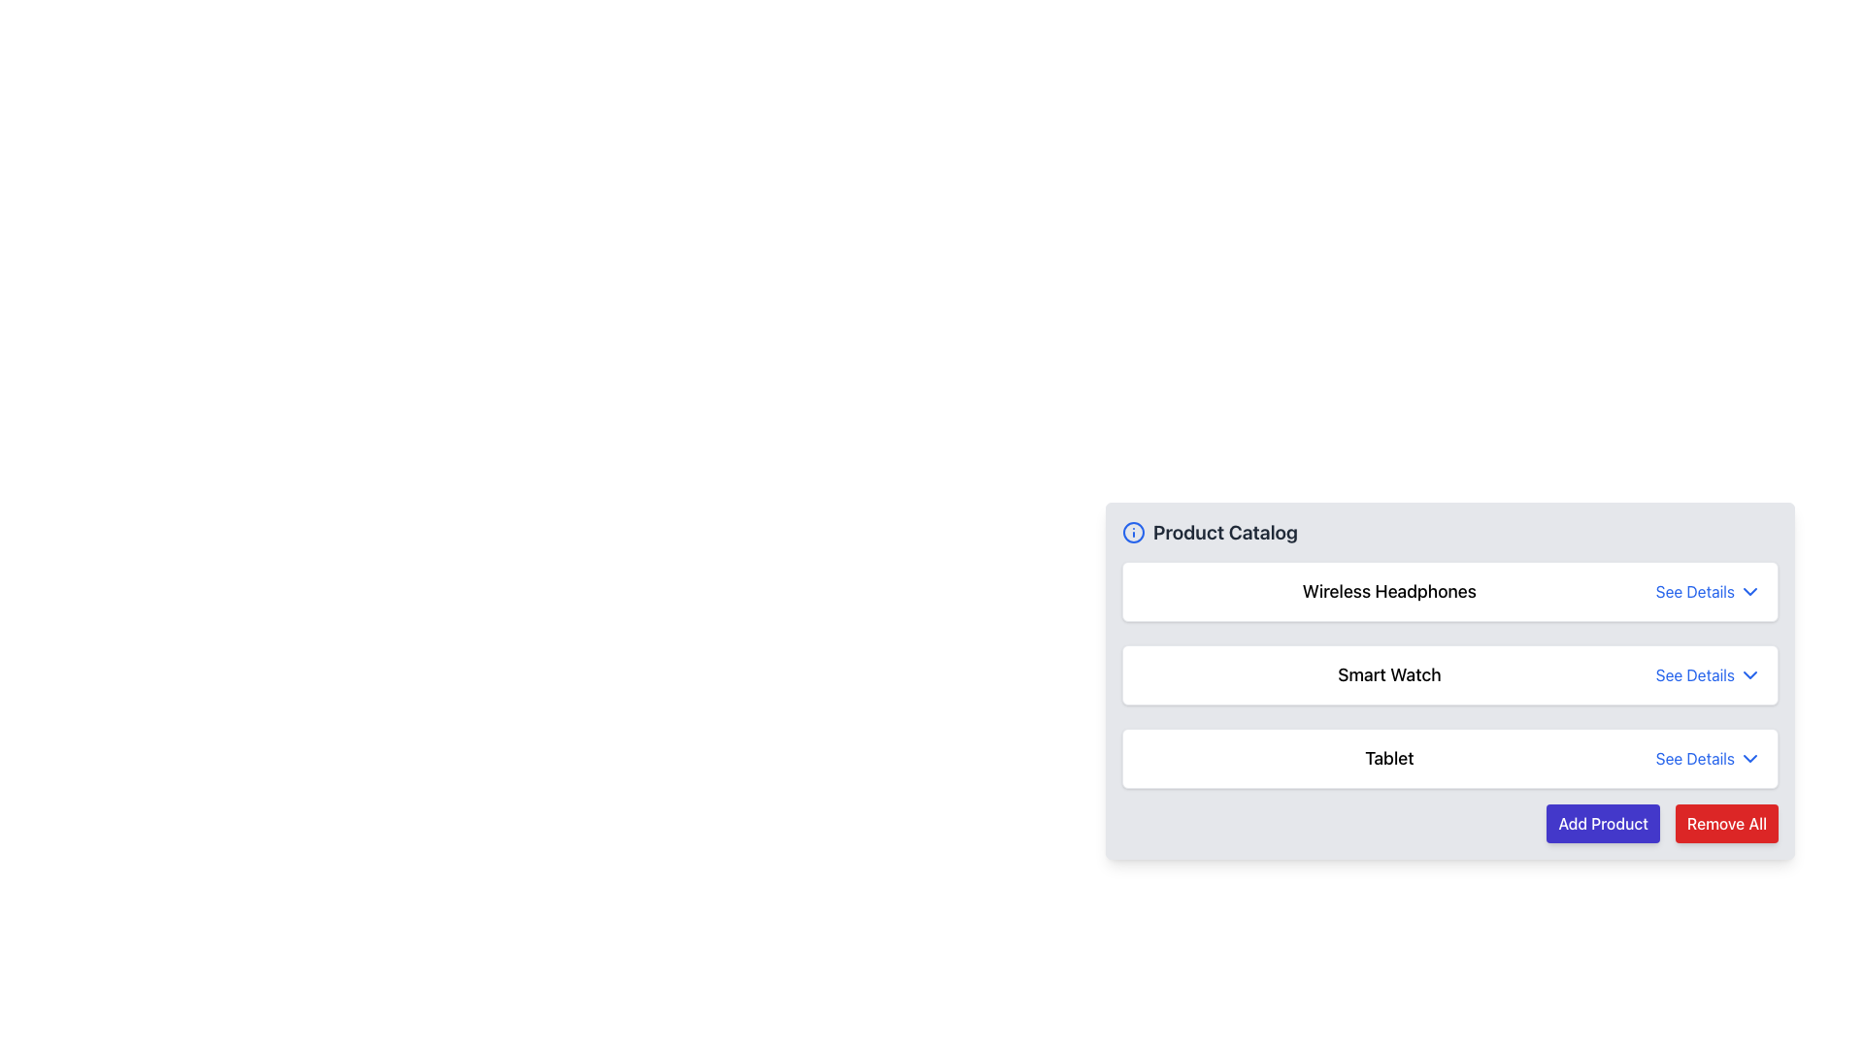 This screenshot has height=1048, width=1864. I want to click on the second 'See Details' button on the right side of the 'Smart Watch' product entry in the Product Catalog, so click(1709, 673).